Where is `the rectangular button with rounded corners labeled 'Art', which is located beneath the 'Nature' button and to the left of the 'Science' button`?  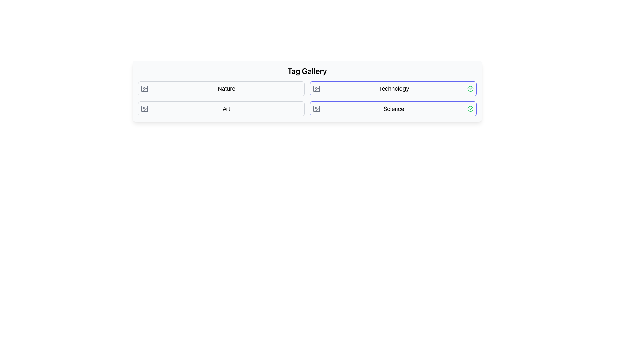 the rectangular button with rounded corners labeled 'Art', which is located beneath the 'Nature' button and to the left of the 'Science' button is located at coordinates (221, 108).